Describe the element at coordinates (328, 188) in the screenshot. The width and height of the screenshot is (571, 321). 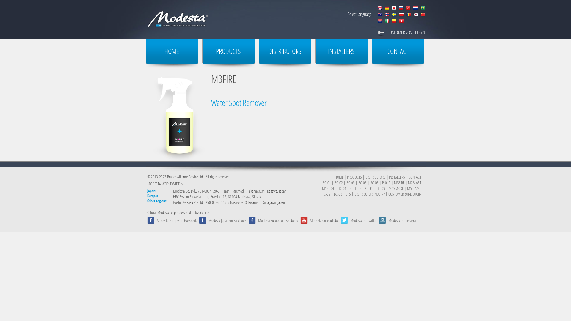
I see `'M1SHOT'` at that location.